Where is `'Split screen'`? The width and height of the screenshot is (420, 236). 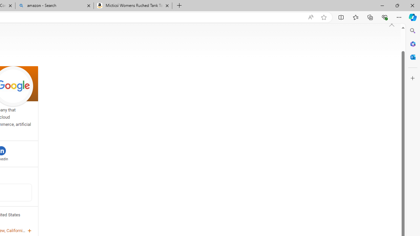
'Split screen' is located at coordinates (341, 17).